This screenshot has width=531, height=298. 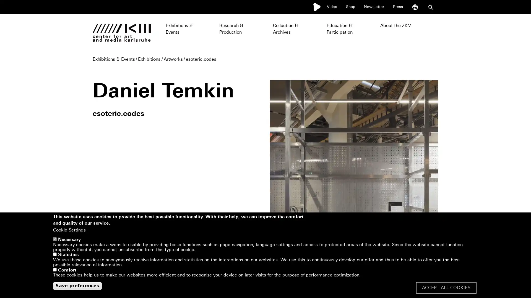 What do you see at coordinates (77, 286) in the screenshot?
I see `Save preferences` at bounding box center [77, 286].